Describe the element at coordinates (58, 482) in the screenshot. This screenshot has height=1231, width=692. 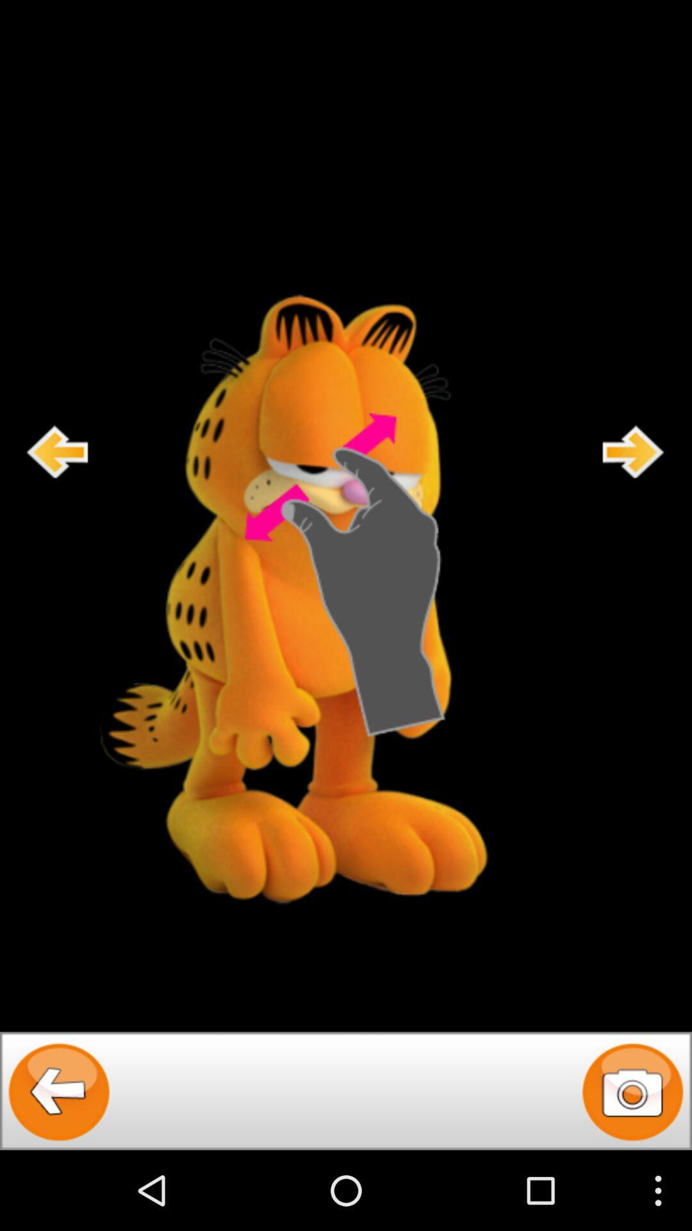
I see `the arrow_backward icon` at that location.